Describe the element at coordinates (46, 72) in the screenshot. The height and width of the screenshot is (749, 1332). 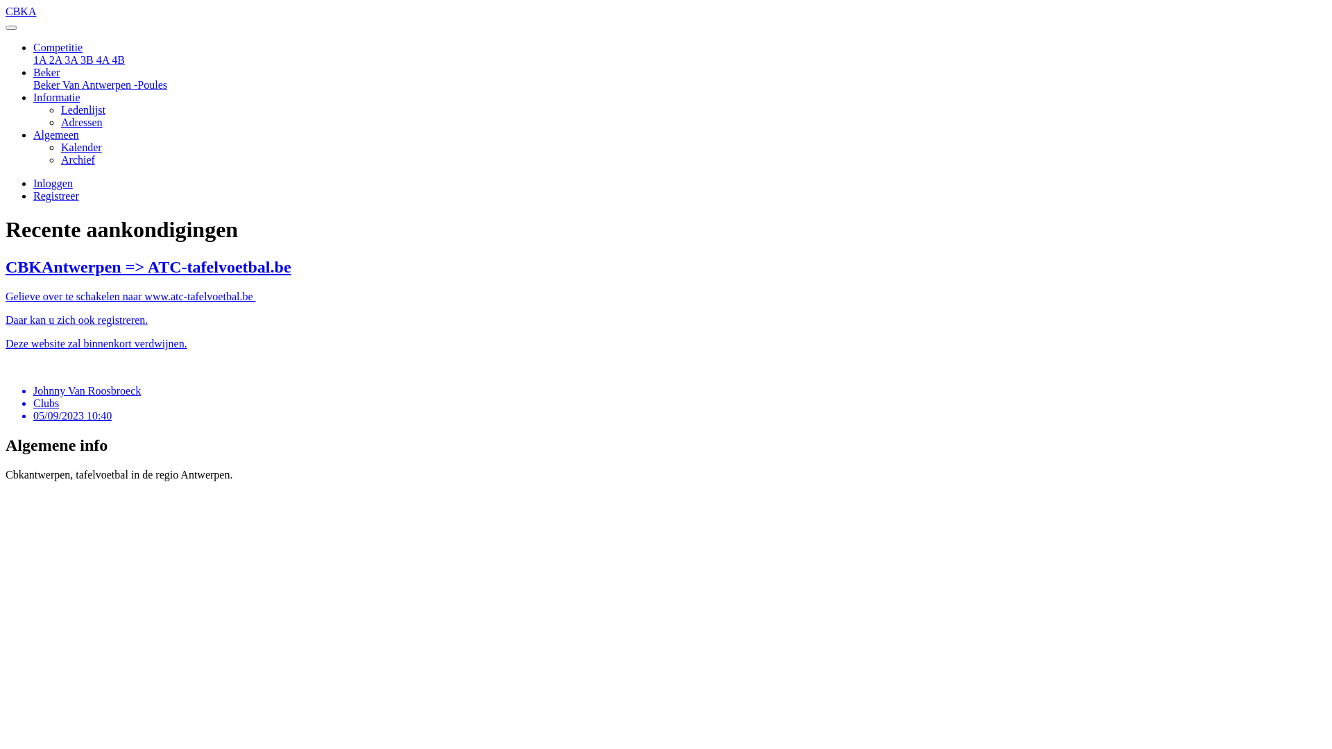
I see `'Beker'` at that location.